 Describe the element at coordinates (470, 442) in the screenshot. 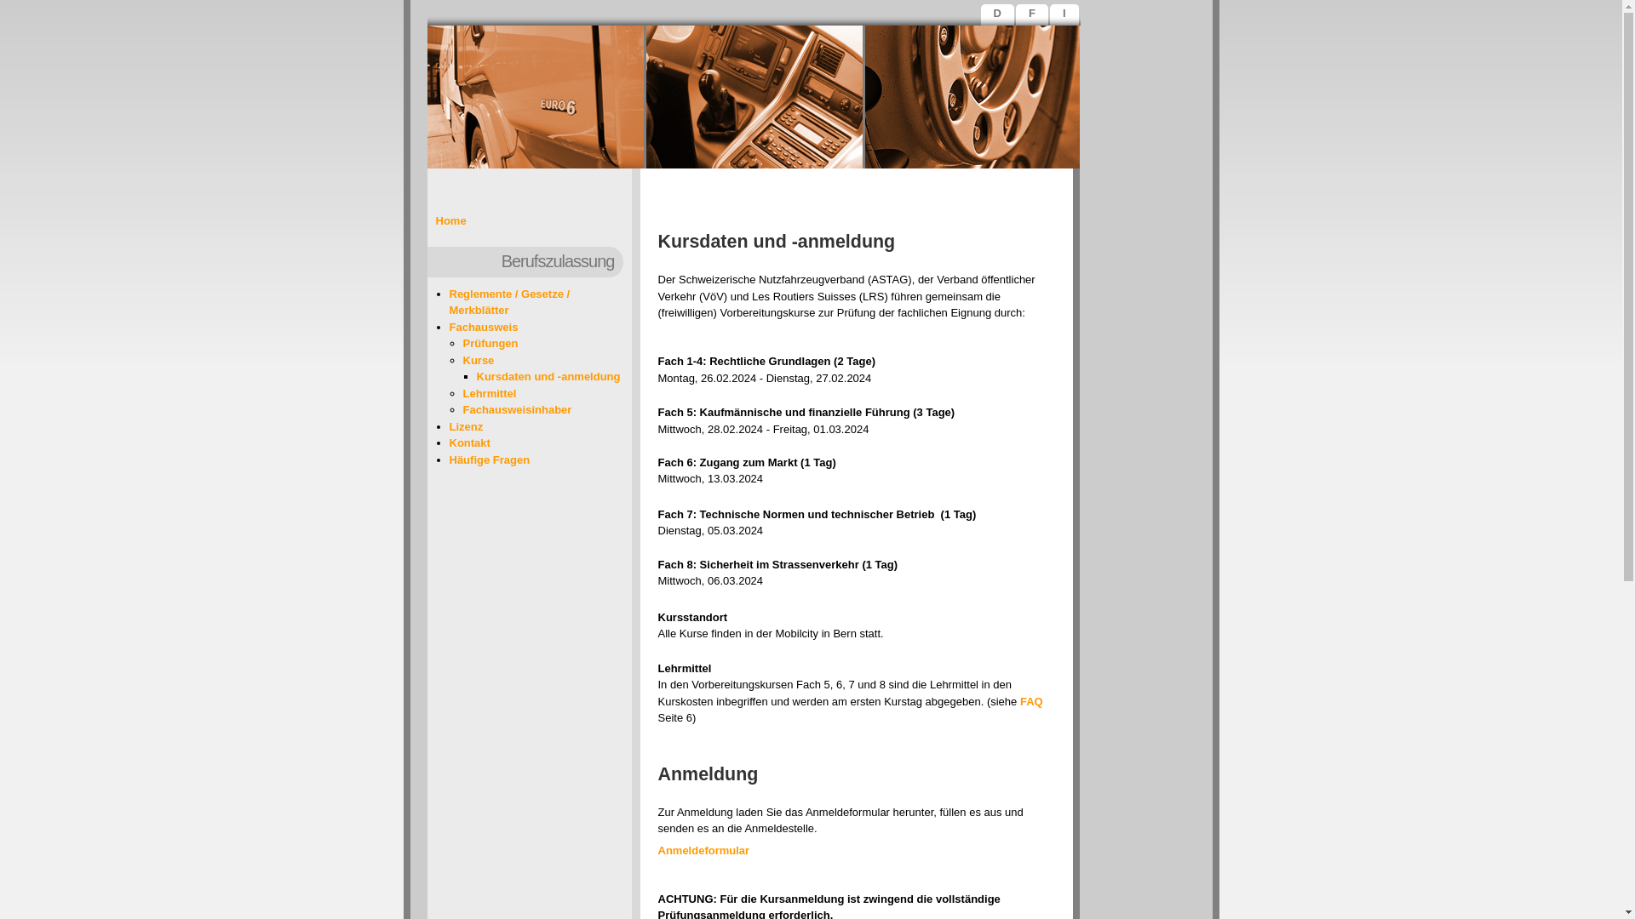

I see `'Kontakt'` at that location.